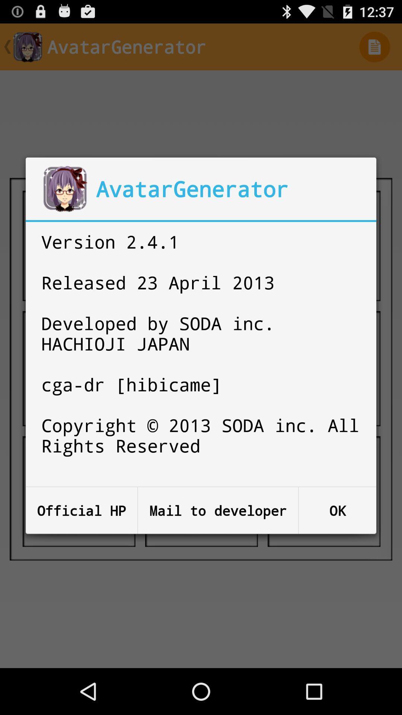  I want to click on ok item, so click(337, 510).